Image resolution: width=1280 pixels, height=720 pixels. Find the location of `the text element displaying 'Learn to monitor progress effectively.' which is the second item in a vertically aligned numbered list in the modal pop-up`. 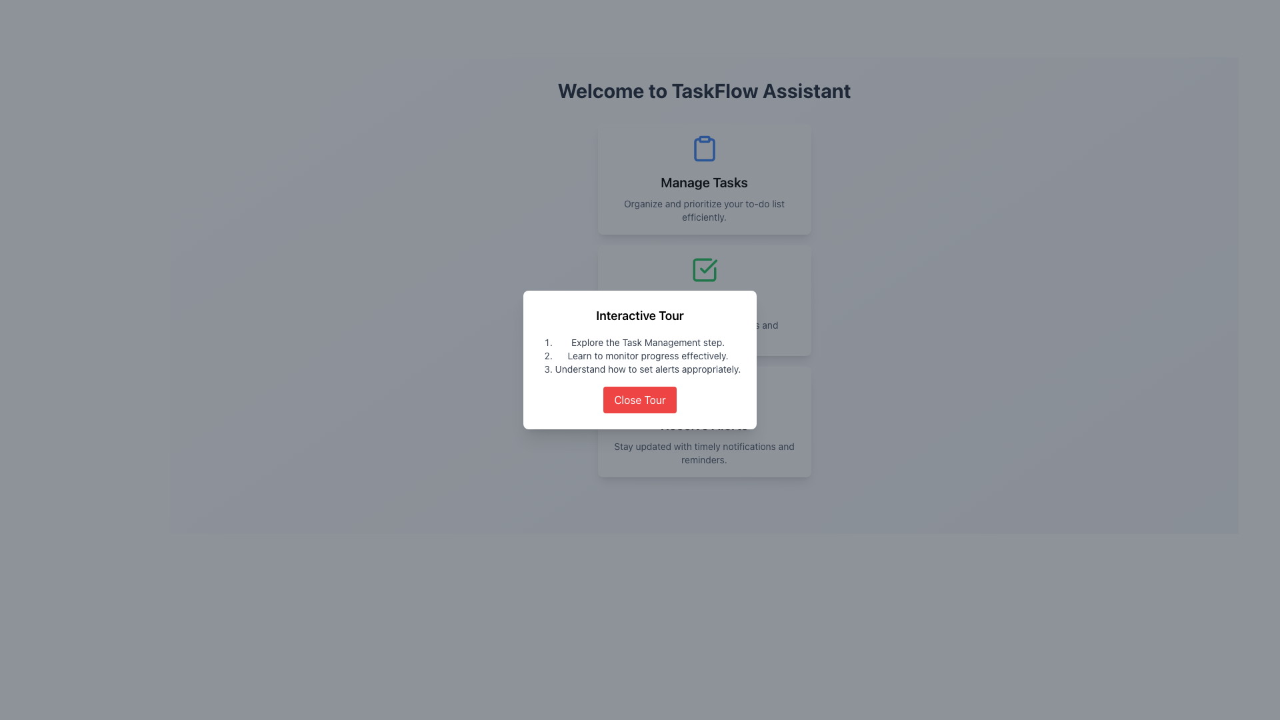

the text element displaying 'Learn to monitor progress effectively.' which is the second item in a vertically aligned numbered list in the modal pop-up is located at coordinates (647, 355).